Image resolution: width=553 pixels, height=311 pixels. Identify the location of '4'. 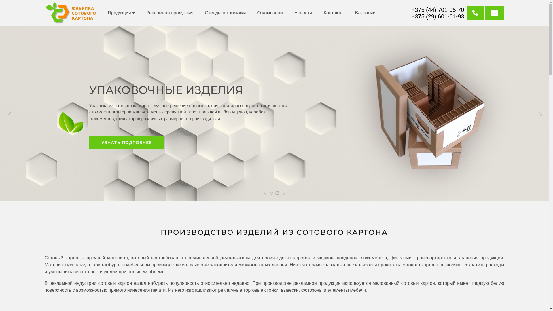
(283, 193).